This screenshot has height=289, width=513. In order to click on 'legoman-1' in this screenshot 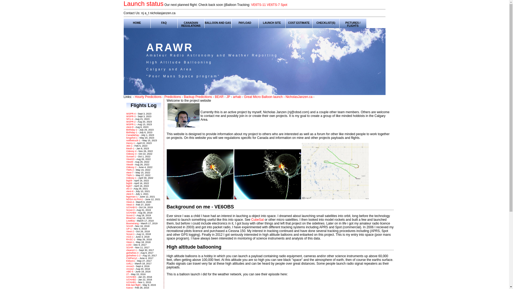, I will do `click(132, 197)`.